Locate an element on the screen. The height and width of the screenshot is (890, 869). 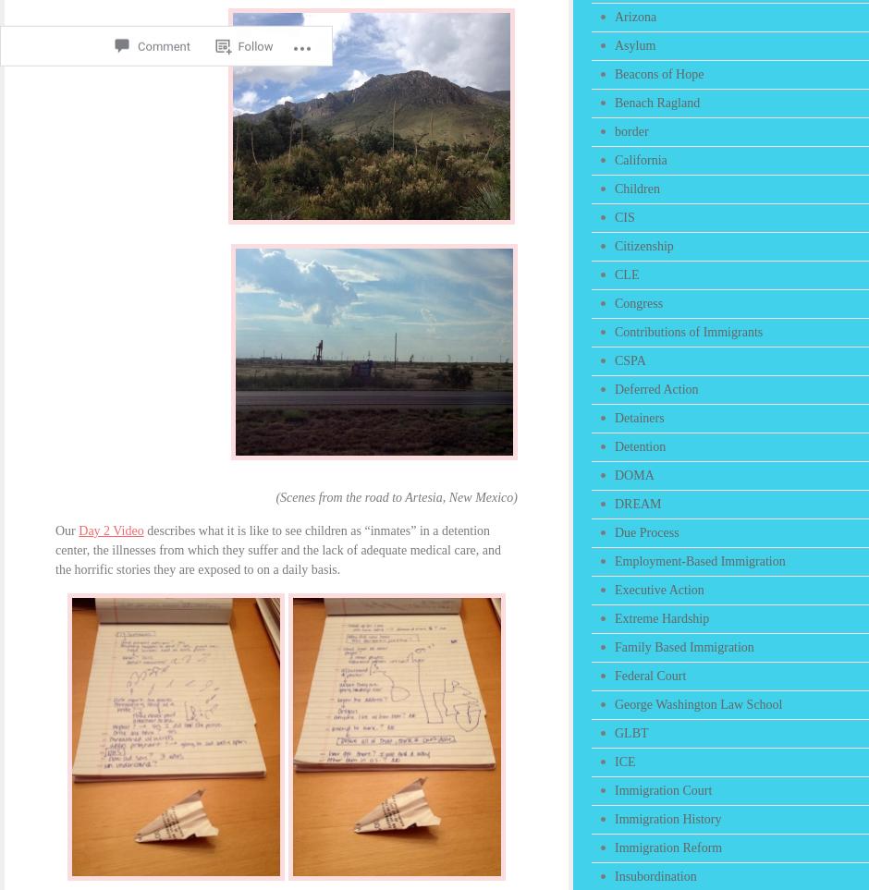
'Due Process' is located at coordinates (645, 532).